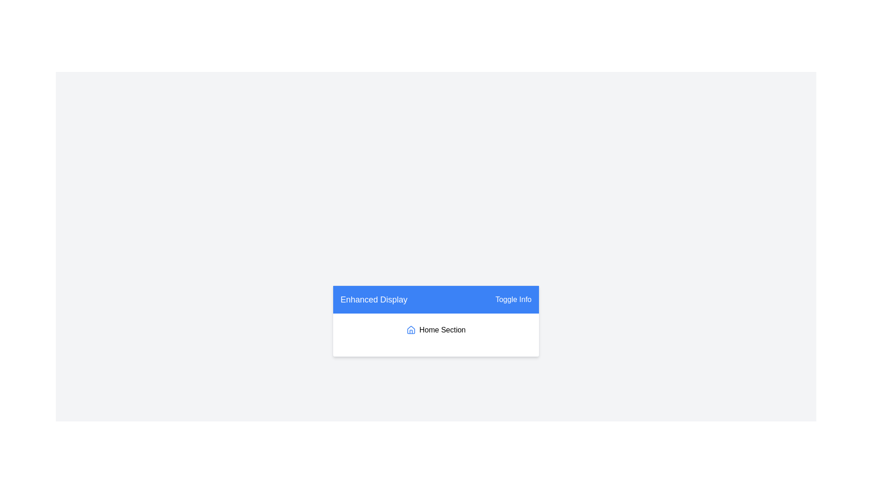 This screenshot has width=886, height=498. I want to click on the static text label that serves as a section title, located towards the center-bottom of the interface, adjacent to a house icon on its left, so click(442, 329).